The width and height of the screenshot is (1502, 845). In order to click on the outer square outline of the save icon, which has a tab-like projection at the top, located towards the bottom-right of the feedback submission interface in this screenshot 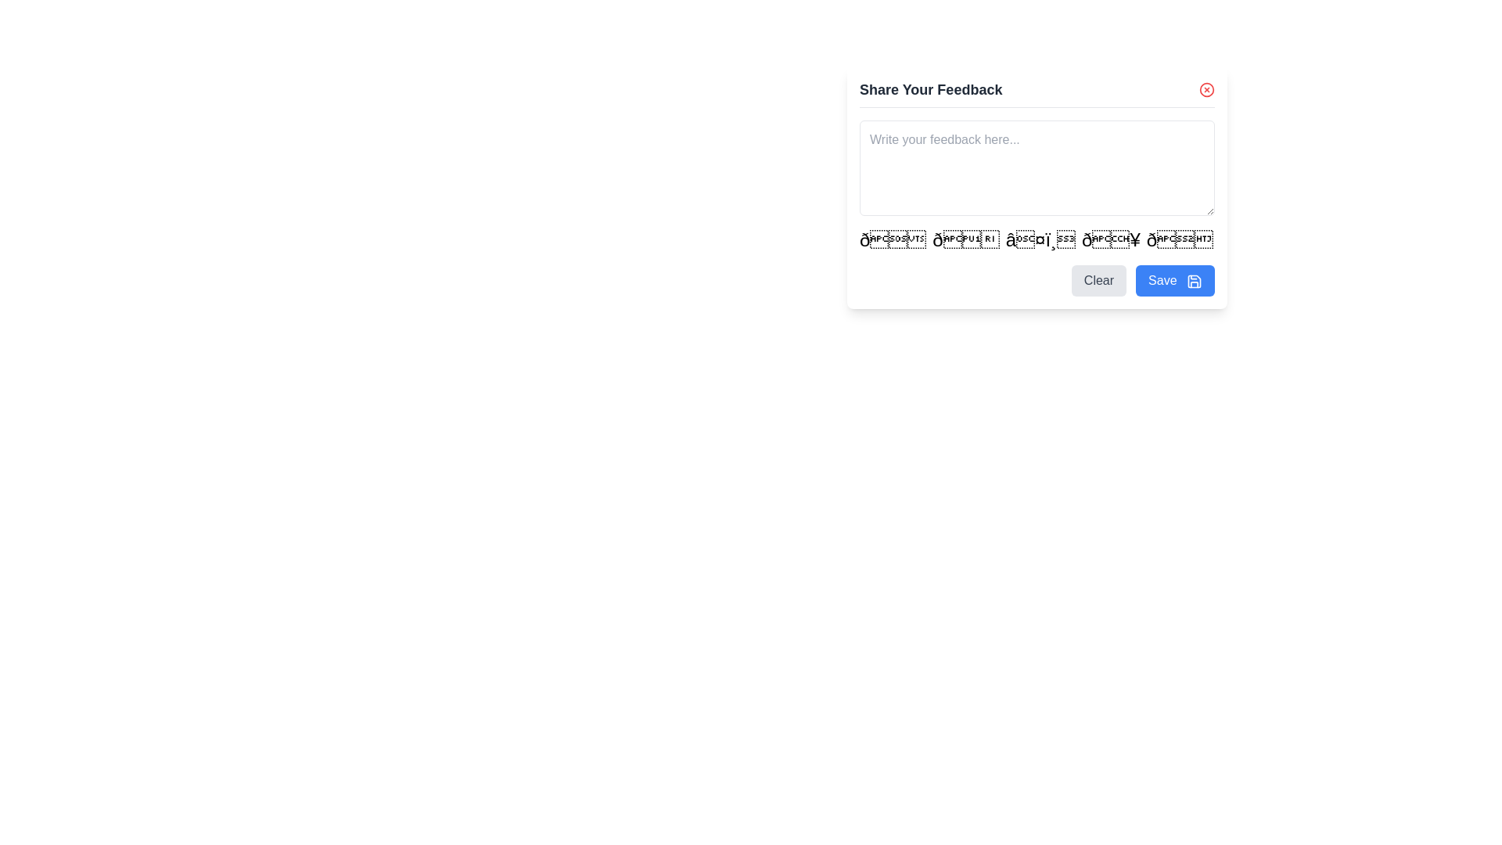, I will do `click(1193, 279)`.